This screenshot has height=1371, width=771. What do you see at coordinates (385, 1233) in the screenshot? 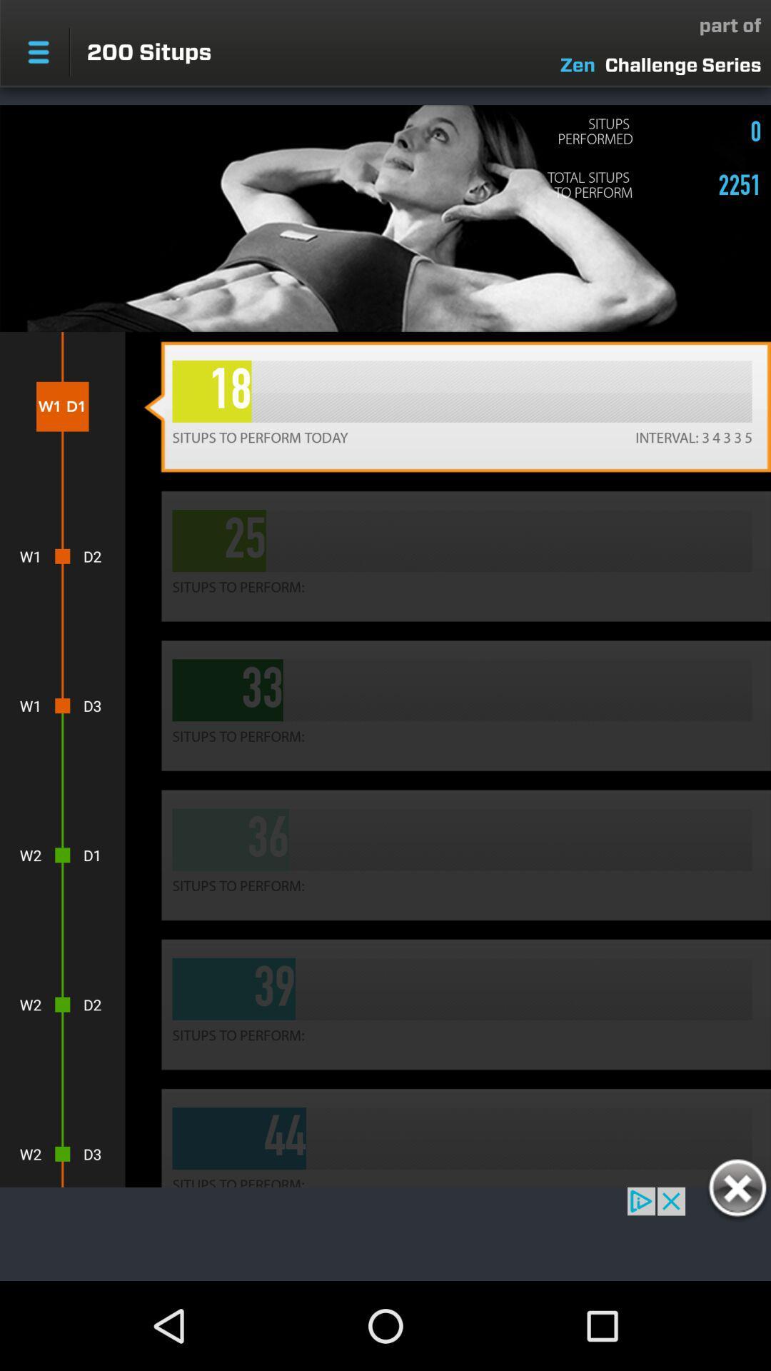
I see `click on advertisements` at bounding box center [385, 1233].